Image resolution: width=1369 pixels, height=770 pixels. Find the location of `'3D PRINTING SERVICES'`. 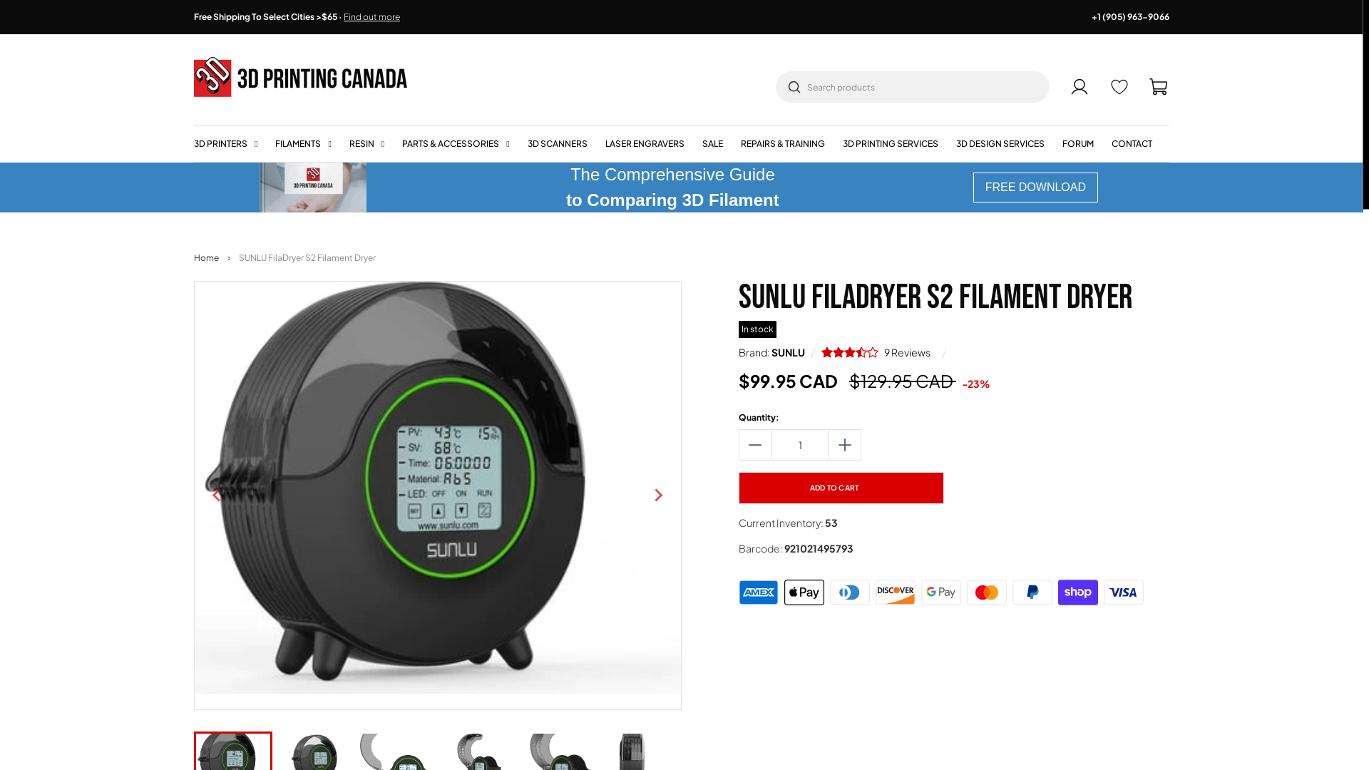

'3D PRINTING SERVICES' is located at coordinates (842, 143).